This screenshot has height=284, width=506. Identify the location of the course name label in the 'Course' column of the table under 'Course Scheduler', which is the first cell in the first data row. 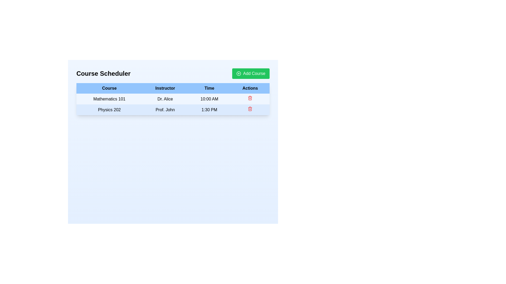
(109, 99).